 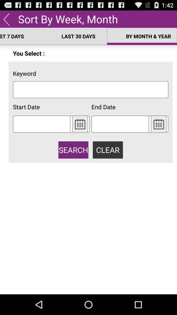 I want to click on go back, so click(x=6, y=18).